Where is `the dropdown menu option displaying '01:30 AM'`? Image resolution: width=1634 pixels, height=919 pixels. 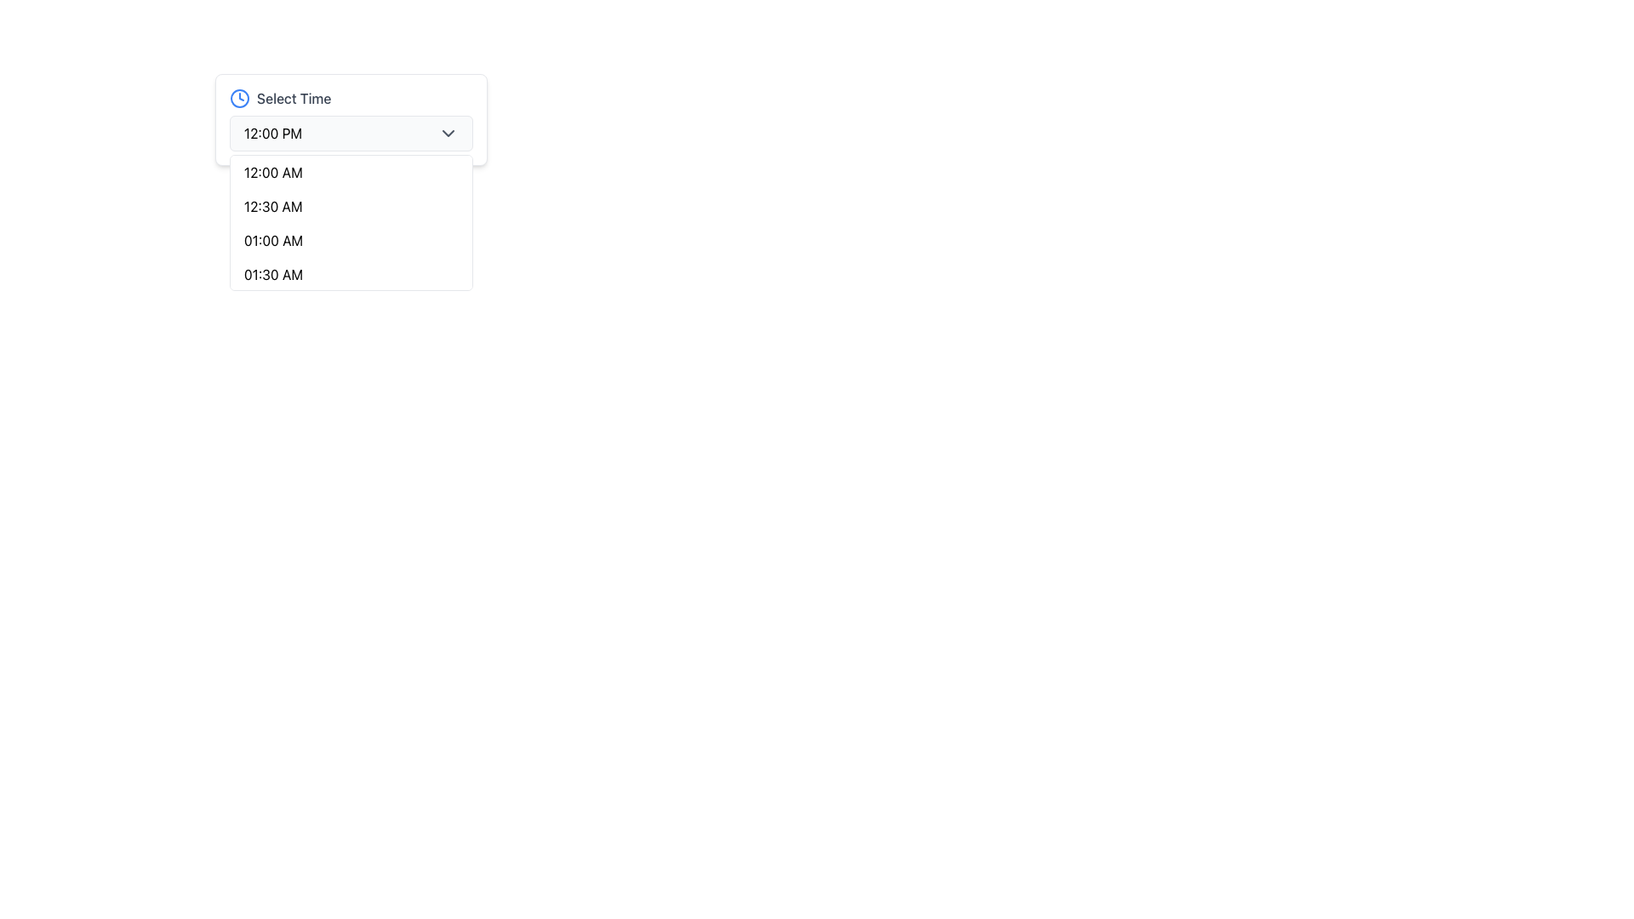 the dropdown menu option displaying '01:30 AM' is located at coordinates (350, 274).